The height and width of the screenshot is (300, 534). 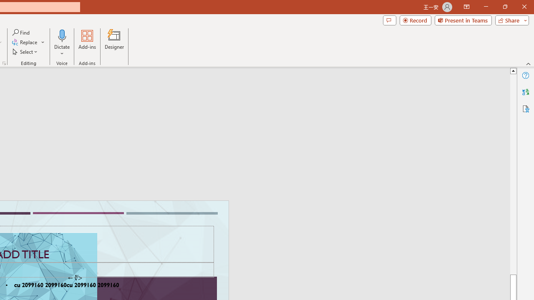 I want to click on 'Ribbon Display Options', so click(x=466, y=7).